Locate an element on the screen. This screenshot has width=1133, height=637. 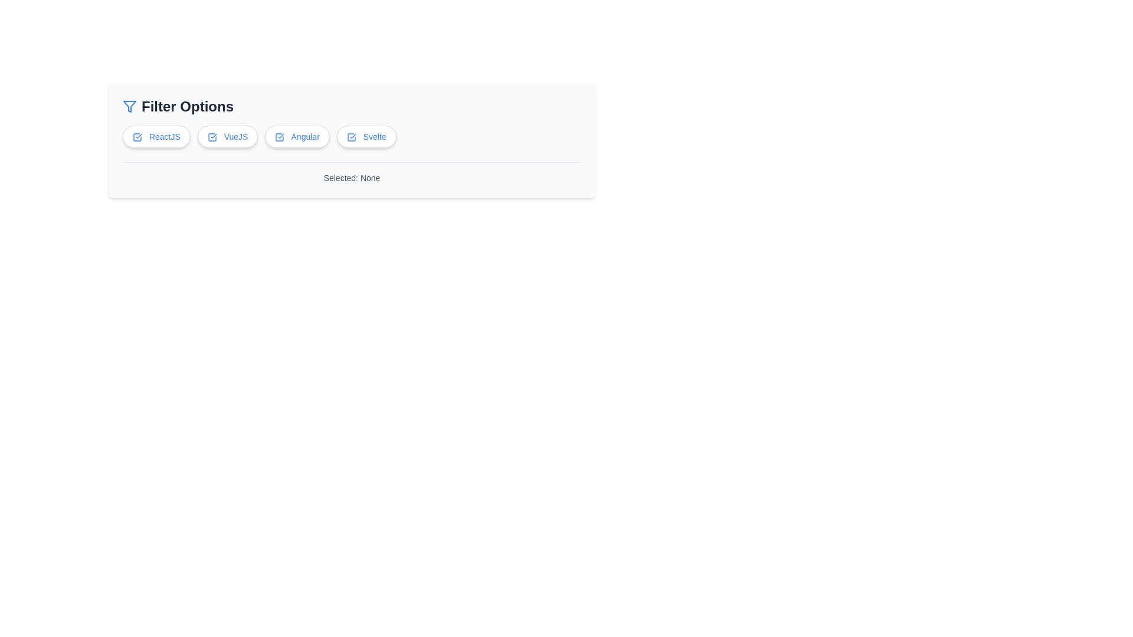
the SVG Icon representing filter functionality located in the 'Filter Options' heading area, positioned to the left of the header text is located at coordinates (130, 107).